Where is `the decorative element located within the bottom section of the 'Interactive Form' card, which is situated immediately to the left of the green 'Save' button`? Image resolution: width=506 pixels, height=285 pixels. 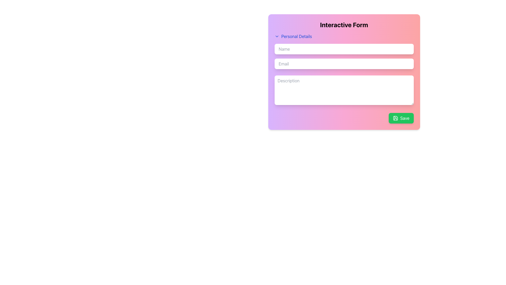 the decorative element located within the bottom section of the 'Interactive Form' card, which is situated immediately to the left of the green 'Save' button is located at coordinates (344, 118).